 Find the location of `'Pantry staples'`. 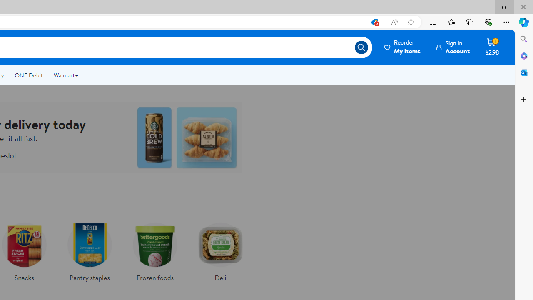

'Pantry staples' is located at coordinates (90, 249).